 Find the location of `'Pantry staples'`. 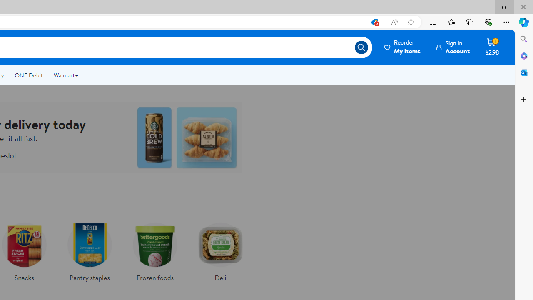

'Pantry staples' is located at coordinates (90, 249).